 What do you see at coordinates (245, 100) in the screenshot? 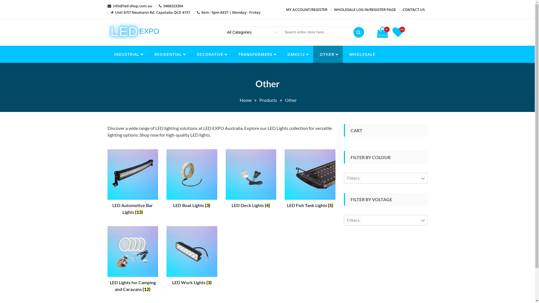
I see `'Home'` at bounding box center [245, 100].